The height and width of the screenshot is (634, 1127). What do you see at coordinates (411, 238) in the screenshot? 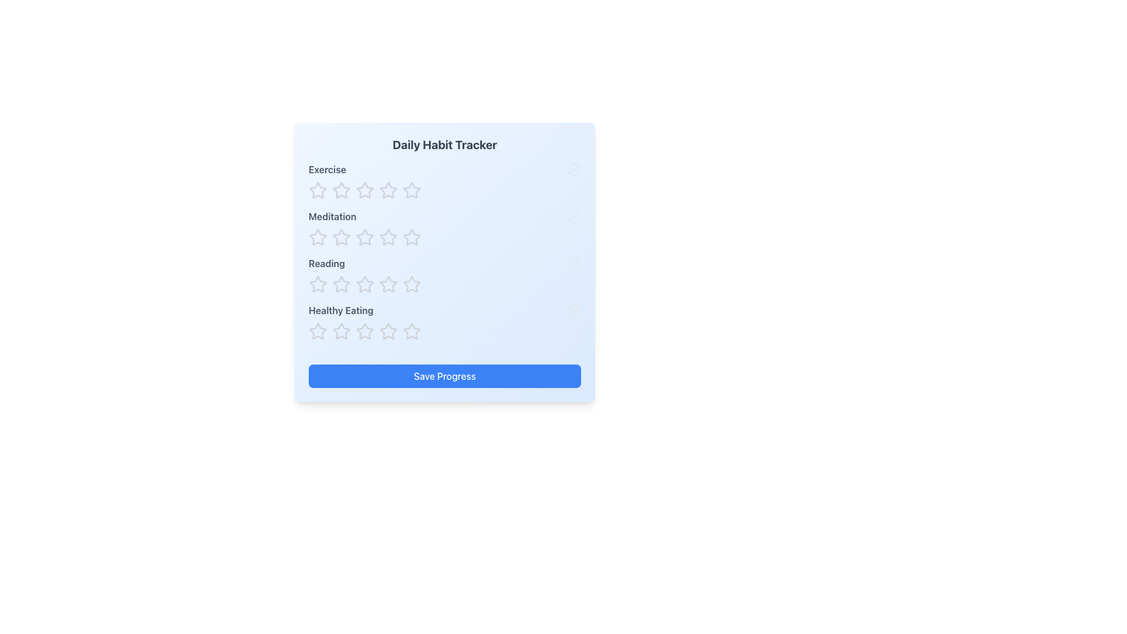
I see `the fifth star icon in the rating component of the 'Meditation' section to set the rating` at bounding box center [411, 238].